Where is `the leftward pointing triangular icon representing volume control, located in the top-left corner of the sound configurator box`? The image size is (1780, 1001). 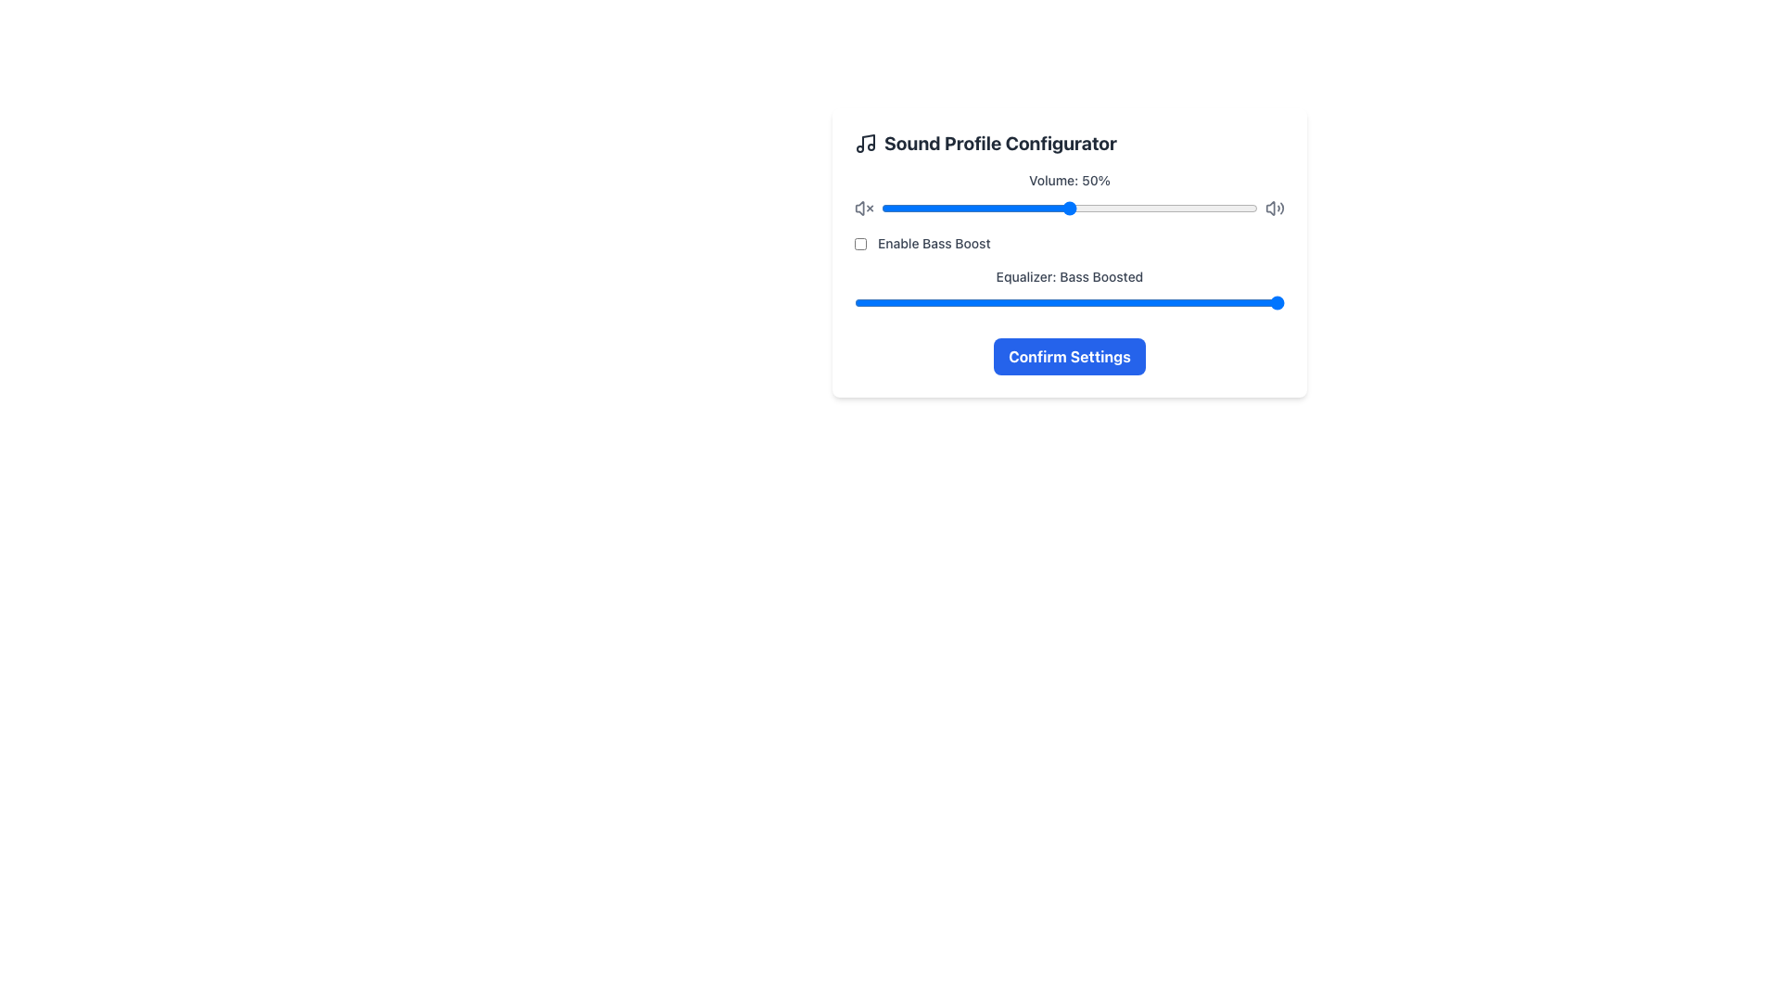
the leftward pointing triangular icon representing volume control, located in the top-left corner of the sound configurator box is located at coordinates (858, 208).